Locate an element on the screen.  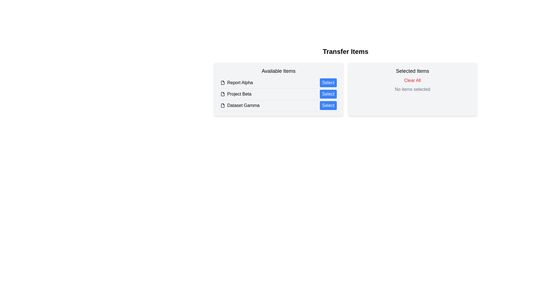
the first row under the 'Available Items' section that represents the 'Report Alpha' item is located at coordinates (278, 83).